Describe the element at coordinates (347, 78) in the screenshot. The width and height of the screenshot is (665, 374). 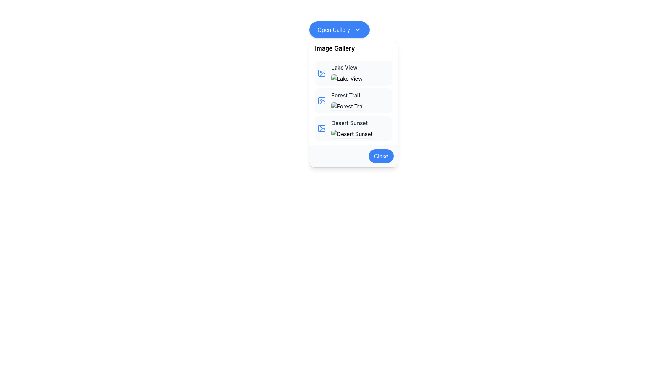
I see `the image icon representing 'Lake View'` at that location.